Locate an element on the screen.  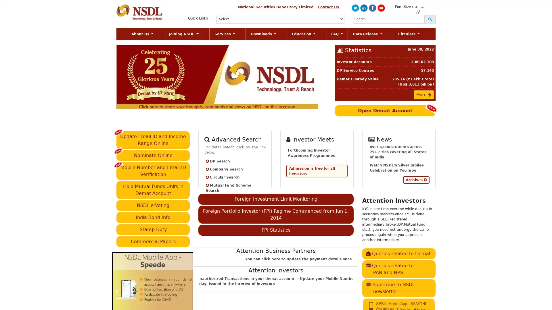
India Bond Info is located at coordinates (153, 217).